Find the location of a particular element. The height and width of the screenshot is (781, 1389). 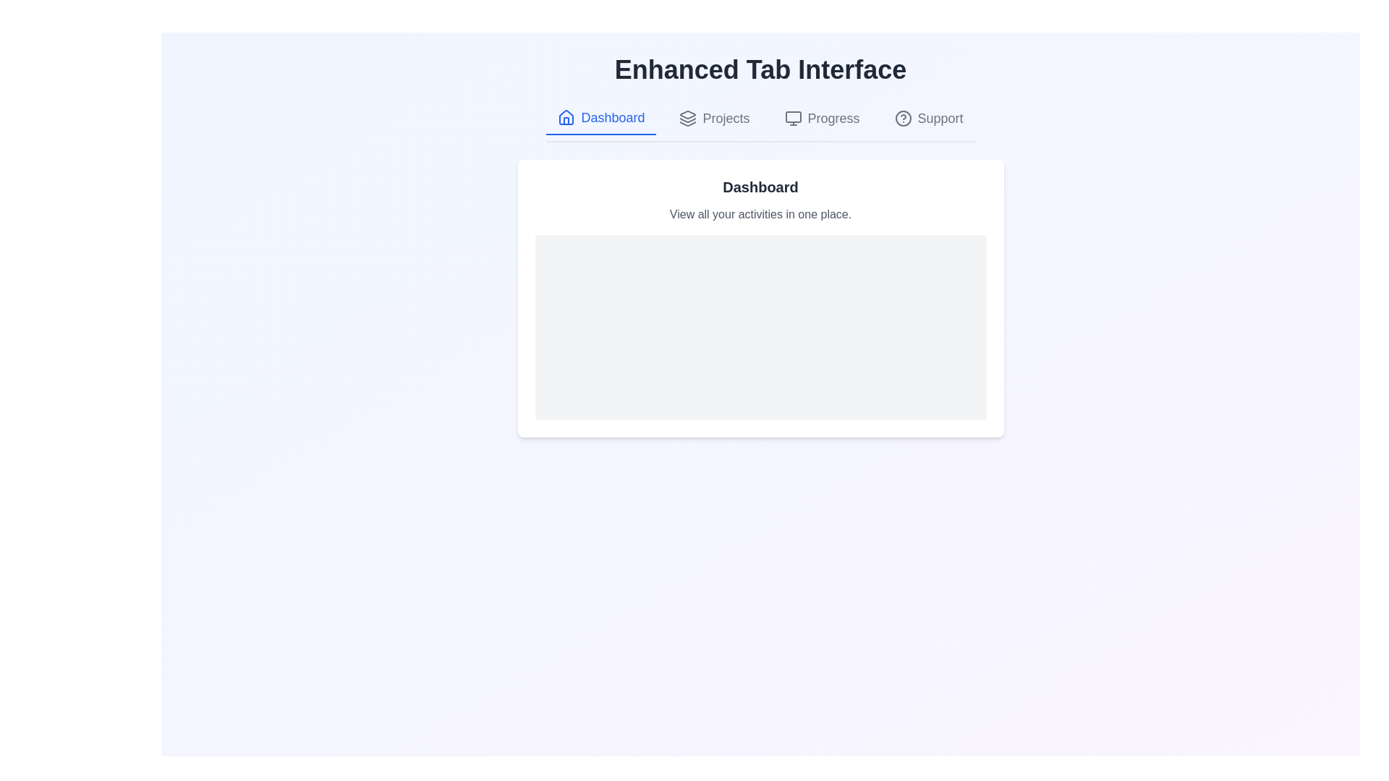

the tab labeled Progress to display its content is located at coordinates (822, 118).